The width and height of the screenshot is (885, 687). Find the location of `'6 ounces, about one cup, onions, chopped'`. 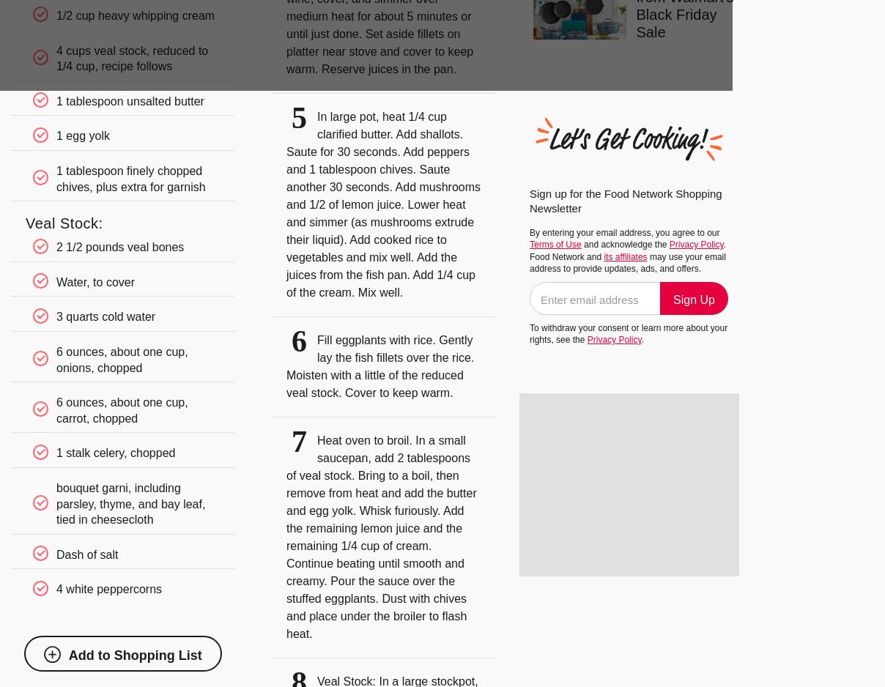

'6 ounces, about one cup, onions, chopped' is located at coordinates (122, 360).